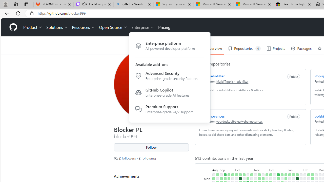  Describe the element at coordinates (316, 174) in the screenshot. I see `'No contributions on February 25th.'` at that location.